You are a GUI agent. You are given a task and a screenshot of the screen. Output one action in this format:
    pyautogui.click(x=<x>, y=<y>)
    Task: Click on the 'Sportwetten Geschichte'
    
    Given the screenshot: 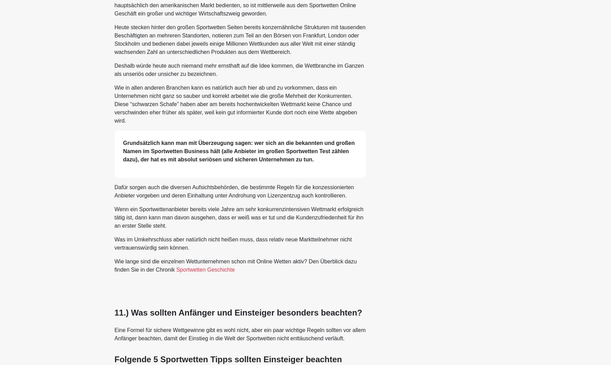 What is the action you would take?
    pyautogui.click(x=205, y=269)
    